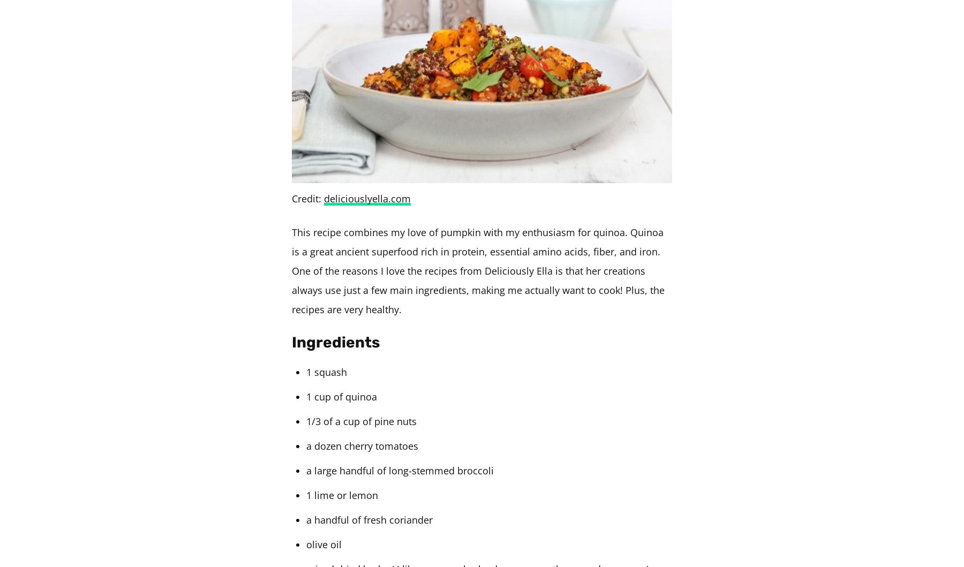 The width and height of the screenshot is (964, 567). What do you see at coordinates (306, 543) in the screenshot?
I see `'olive oil'` at bounding box center [306, 543].